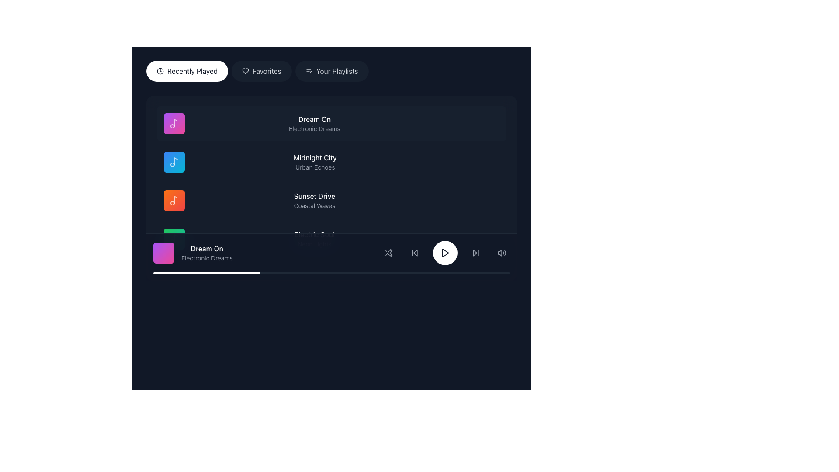  I want to click on progress, so click(360, 272).